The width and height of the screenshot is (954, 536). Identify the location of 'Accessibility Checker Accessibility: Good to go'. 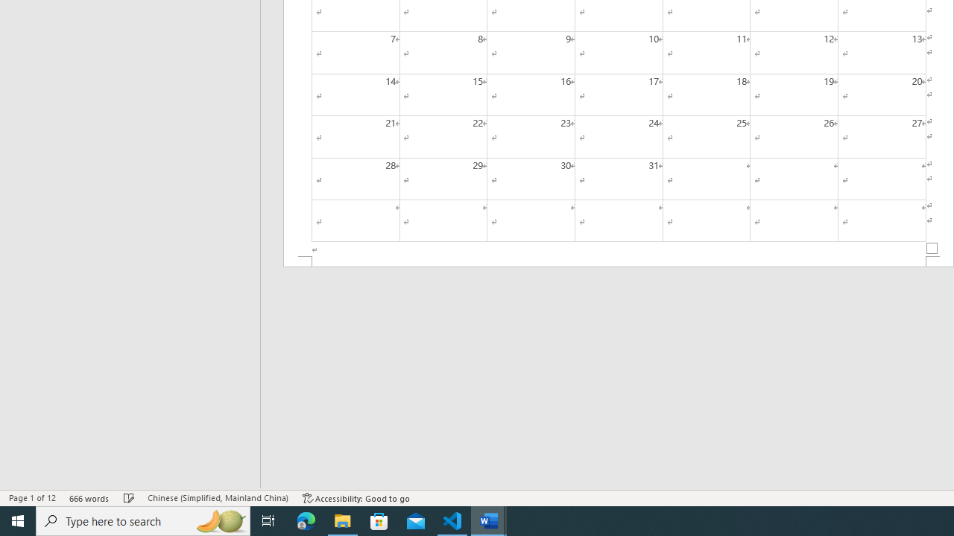
(356, 498).